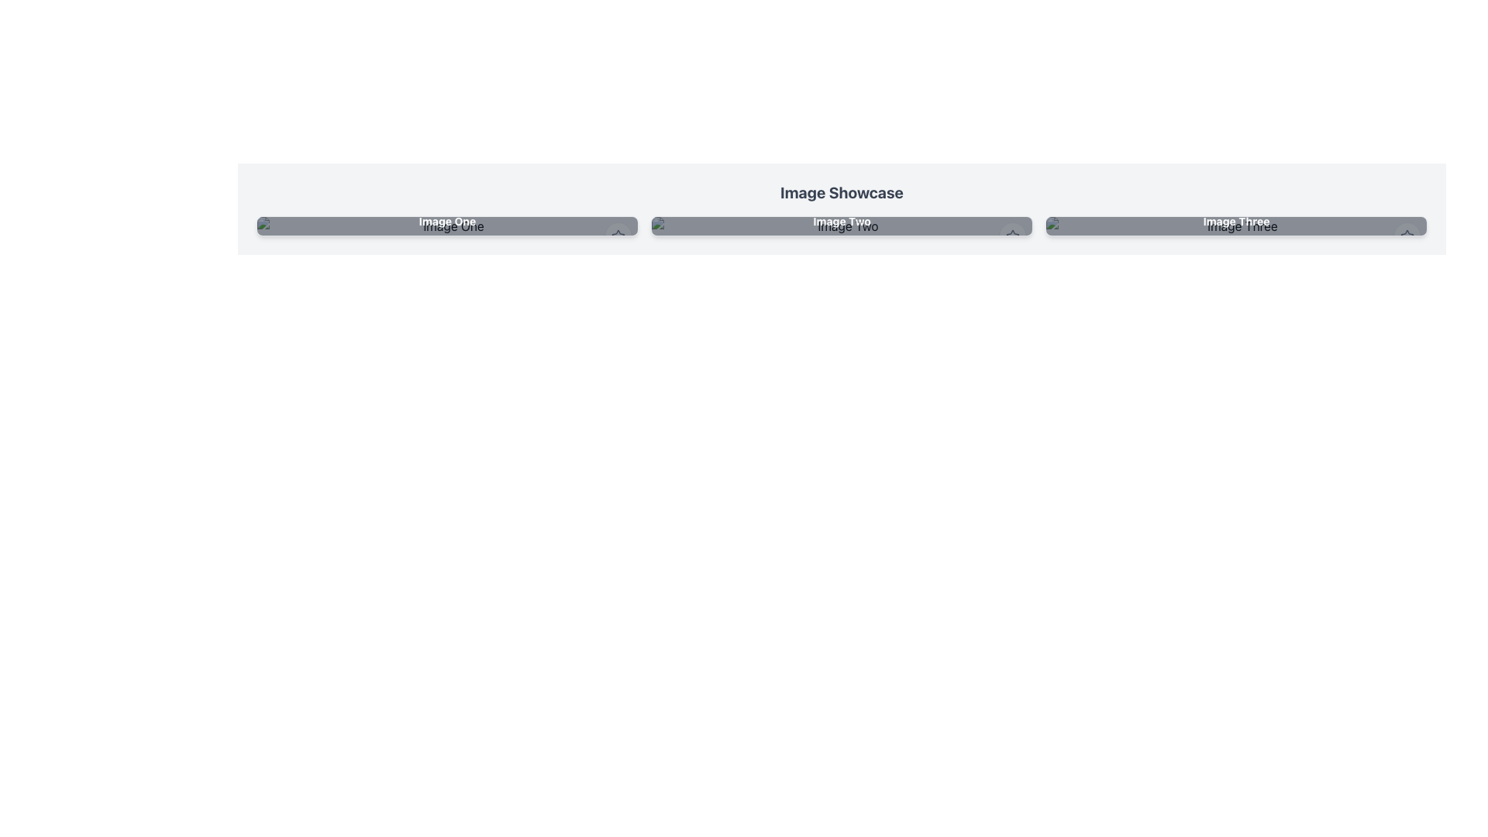 The width and height of the screenshot is (1488, 837). What do you see at coordinates (1407, 236) in the screenshot?
I see `the star-shaped icon with a gray outline located inside the circular button in the upper-right area of 'Image Three'` at bounding box center [1407, 236].